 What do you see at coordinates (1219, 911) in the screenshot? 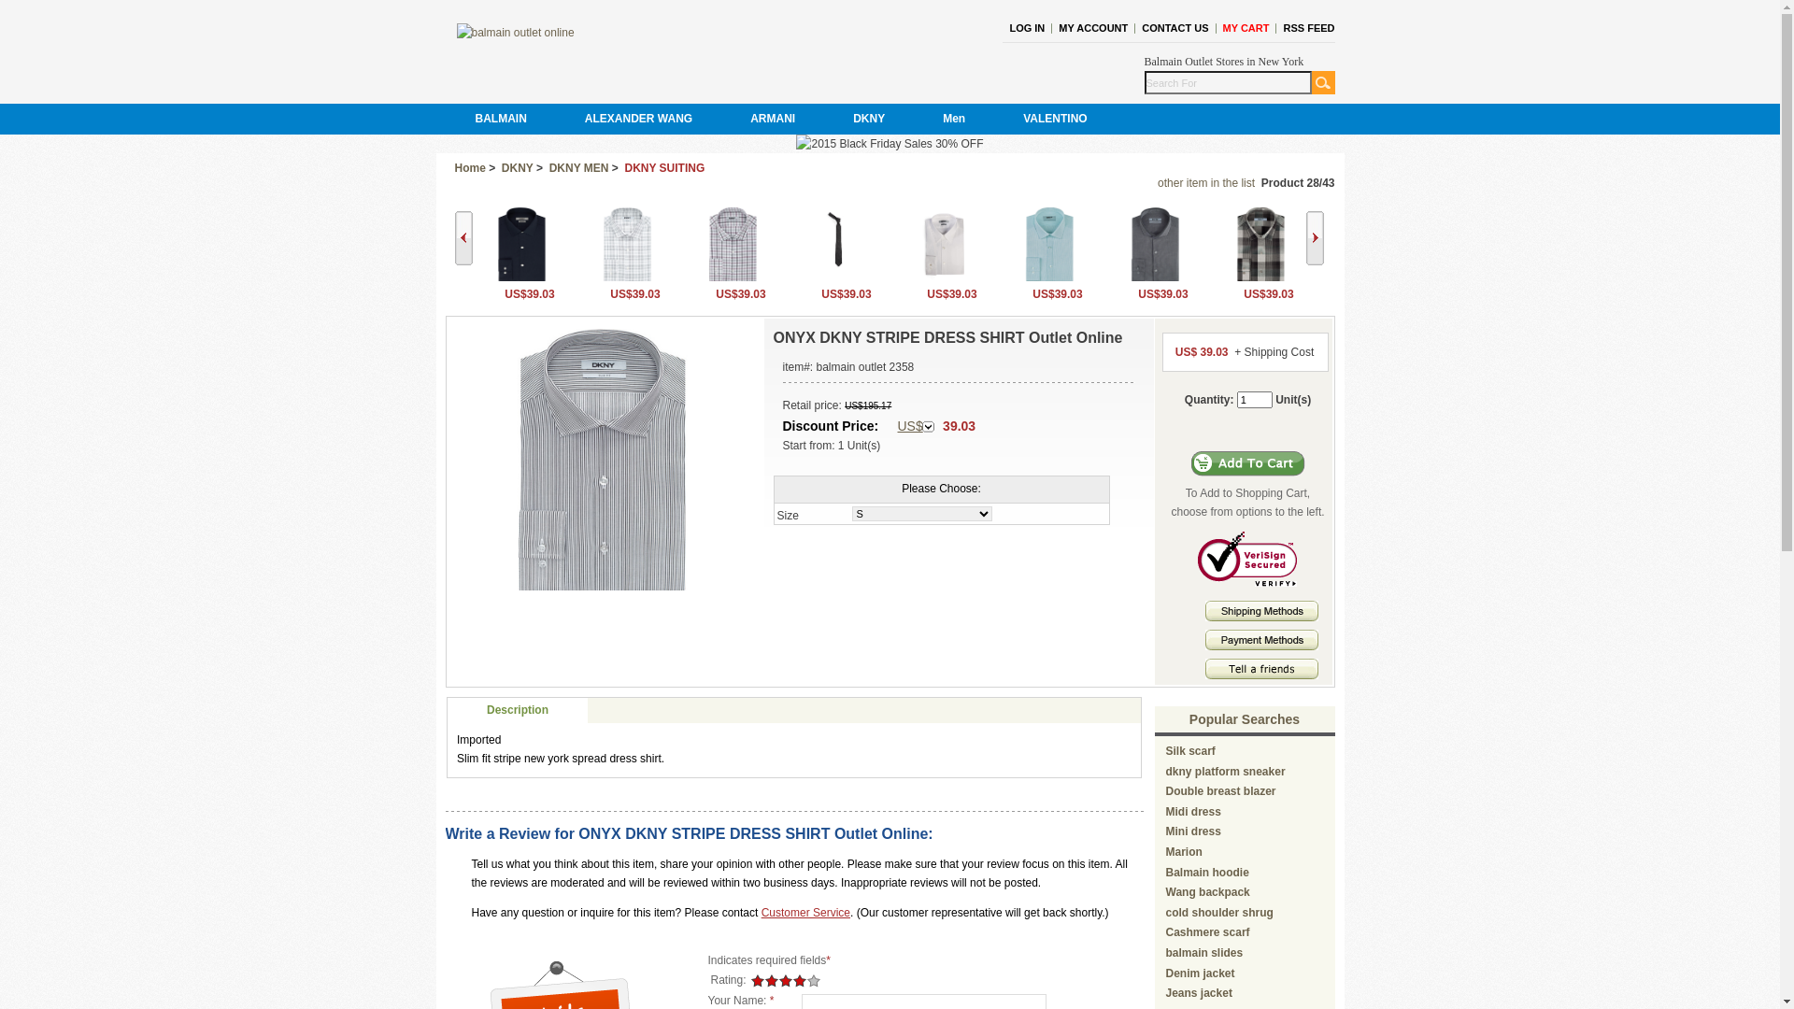
I see `'cold shoulder shrug'` at bounding box center [1219, 911].